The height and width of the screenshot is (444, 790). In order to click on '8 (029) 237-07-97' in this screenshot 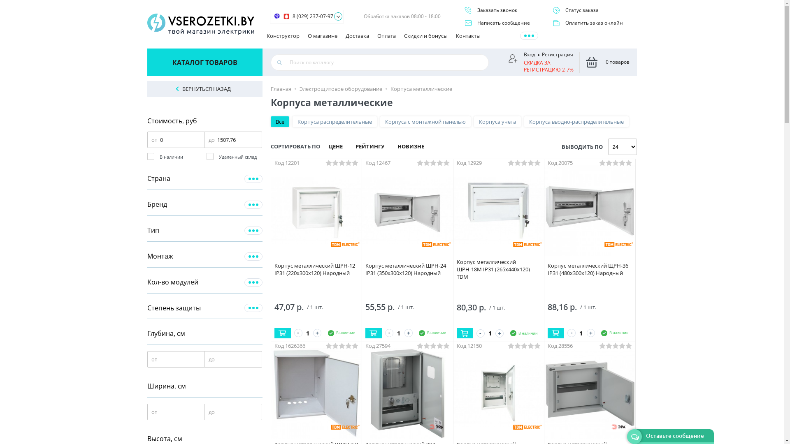, I will do `click(312, 16)`.